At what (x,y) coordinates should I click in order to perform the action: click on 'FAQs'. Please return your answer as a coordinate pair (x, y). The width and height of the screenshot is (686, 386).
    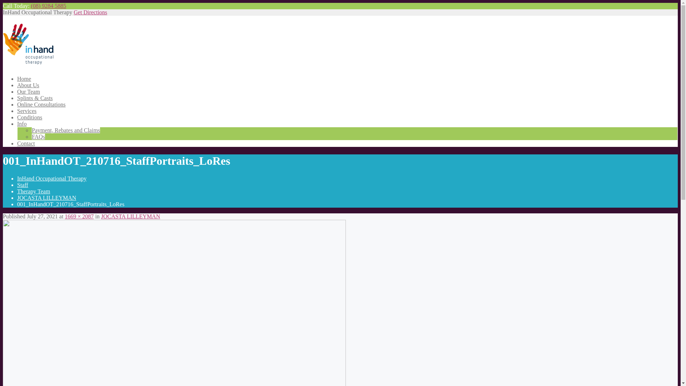
    Looking at the image, I should click on (38, 137).